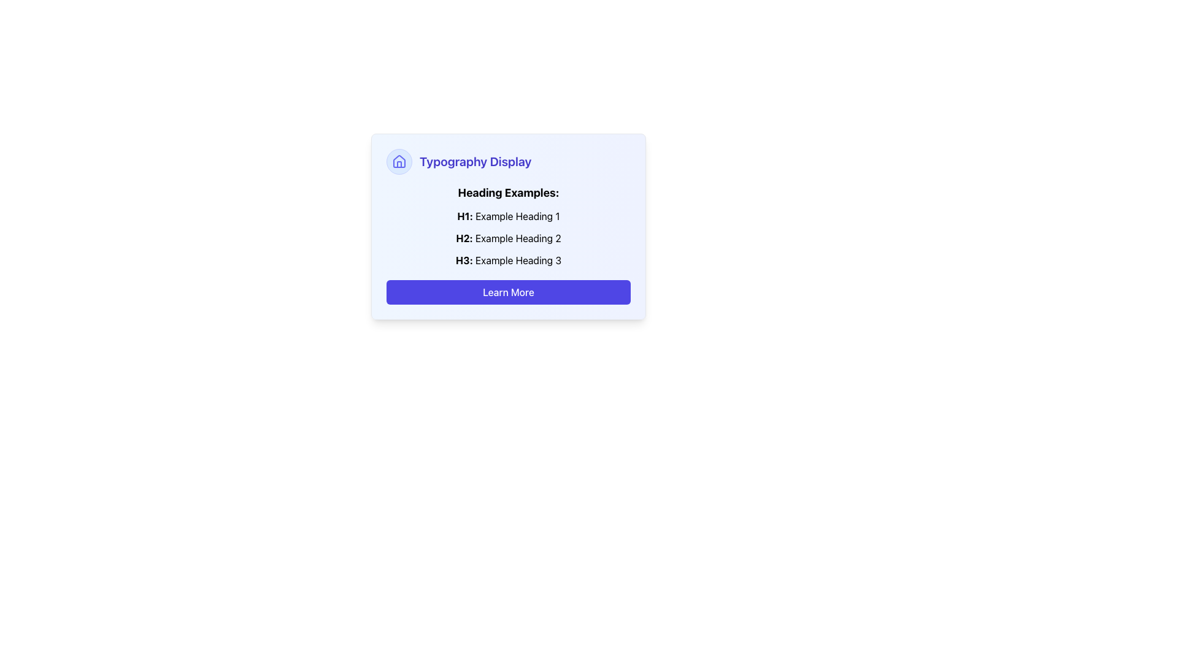 The height and width of the screenshot is (662, 1178). Describe the element at coordinates (399, 161) in the screenshot. I see `the circular icon with a light blue background and indigo house symbol located to the left of the 'Typography Display' text` at that location.